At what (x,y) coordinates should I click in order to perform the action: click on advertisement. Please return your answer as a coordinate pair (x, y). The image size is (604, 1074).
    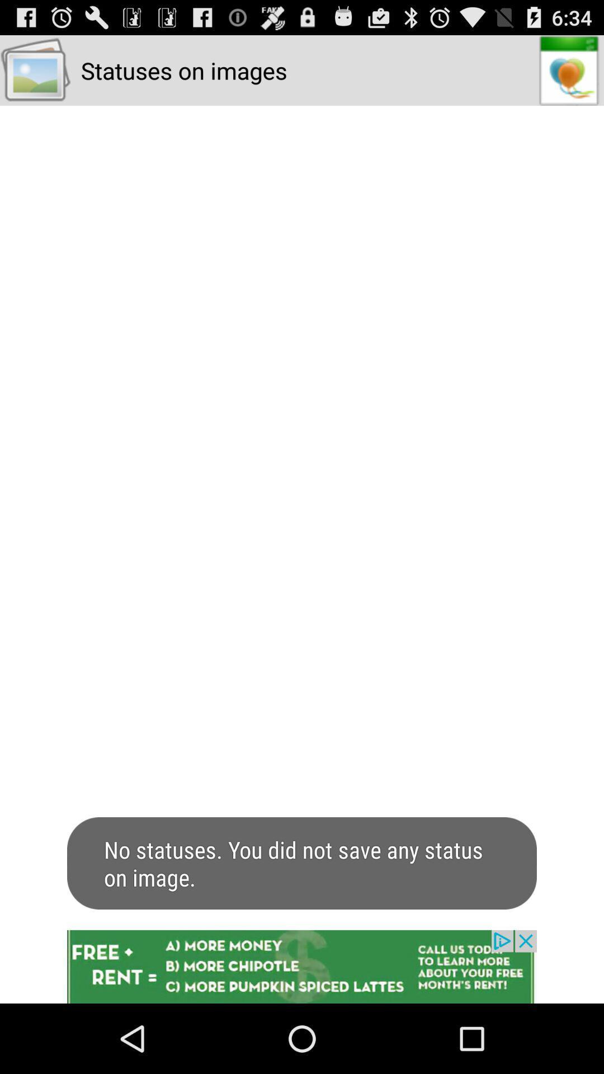
    Looking at the image, I should click on (302, 966).